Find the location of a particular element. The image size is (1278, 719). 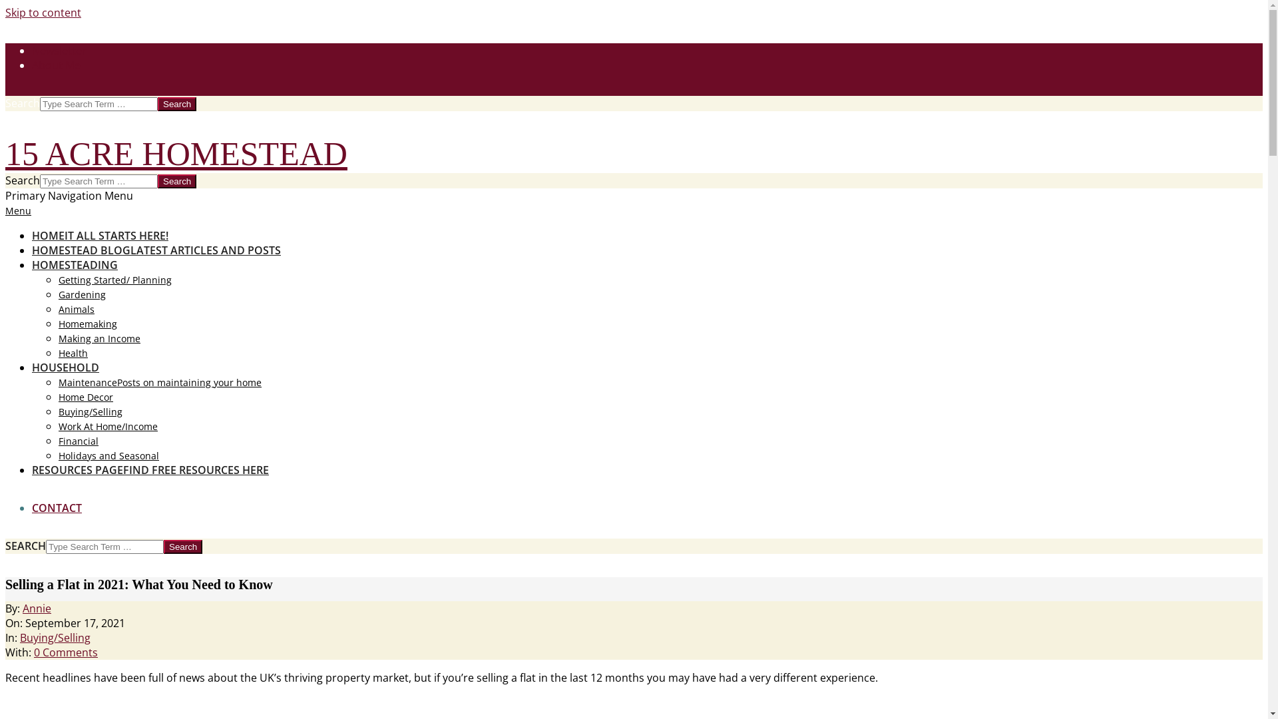

'Health' is located at coordinates (73, 352).